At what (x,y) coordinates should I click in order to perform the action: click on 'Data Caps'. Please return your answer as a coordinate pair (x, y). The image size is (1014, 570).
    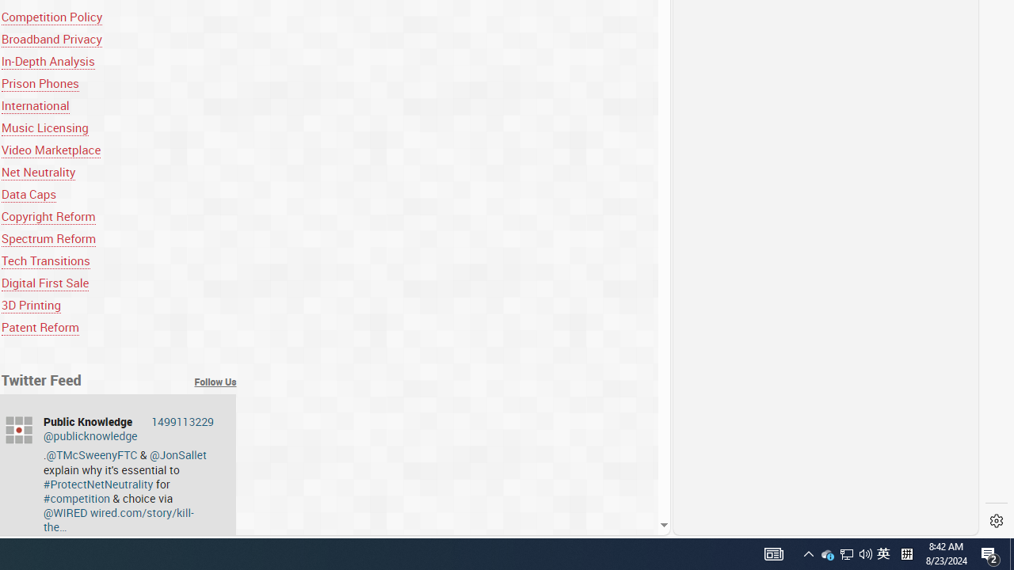
    Looking at the image, I should click on (29, 193).